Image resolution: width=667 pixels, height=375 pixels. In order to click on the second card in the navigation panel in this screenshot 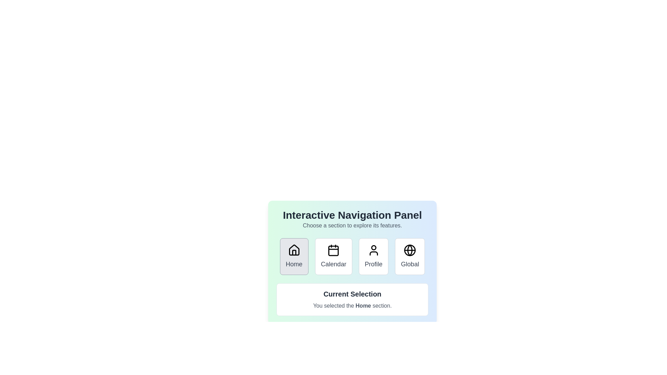, I will do `click(333, 257)`.